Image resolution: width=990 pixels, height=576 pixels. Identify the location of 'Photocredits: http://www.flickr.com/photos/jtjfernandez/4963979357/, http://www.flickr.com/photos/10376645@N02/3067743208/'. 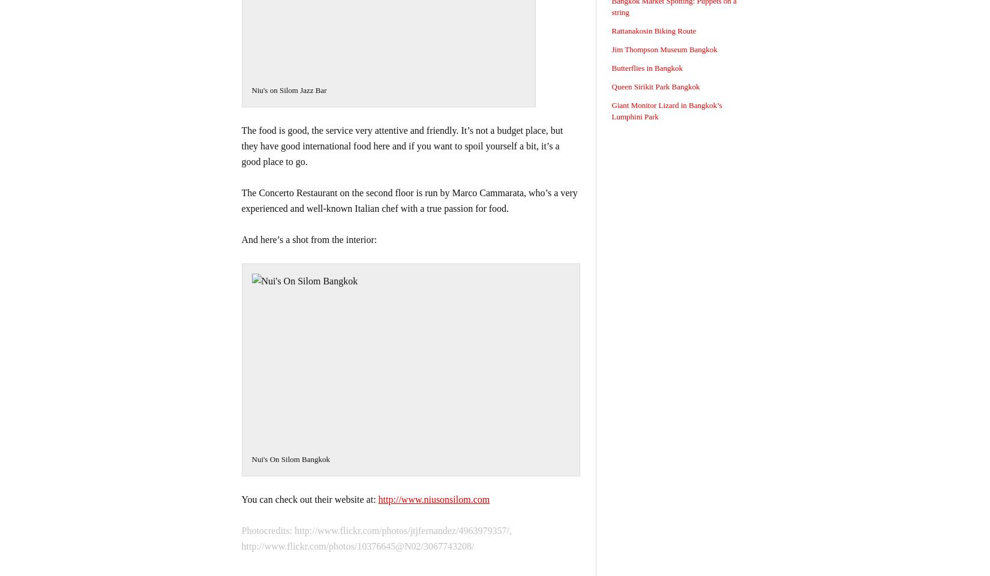
(376, 538).